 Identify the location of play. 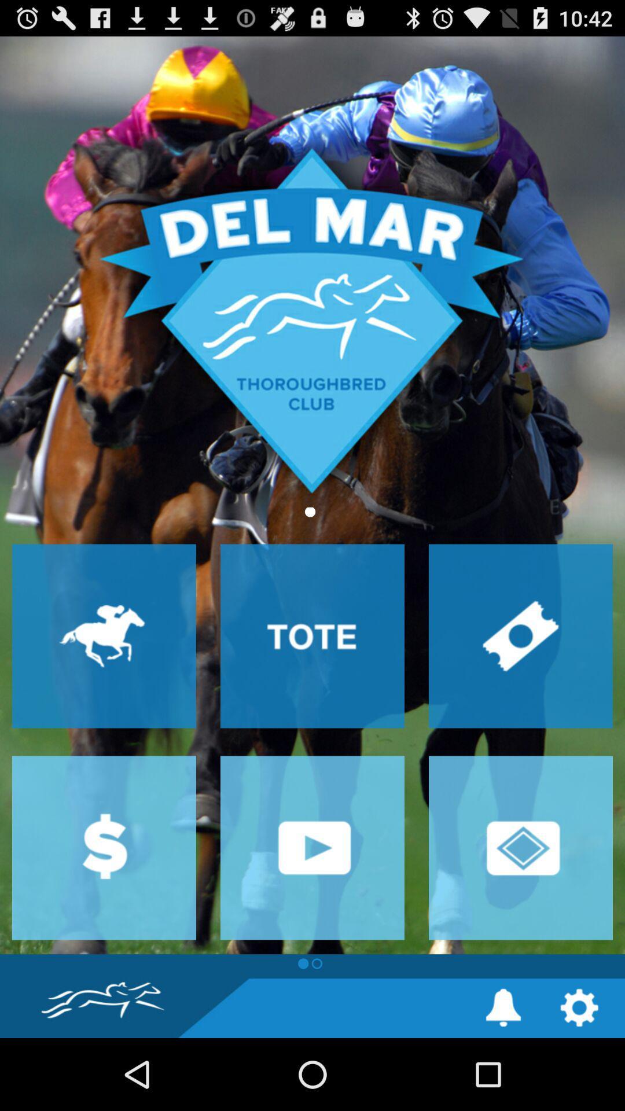
(312, 848).